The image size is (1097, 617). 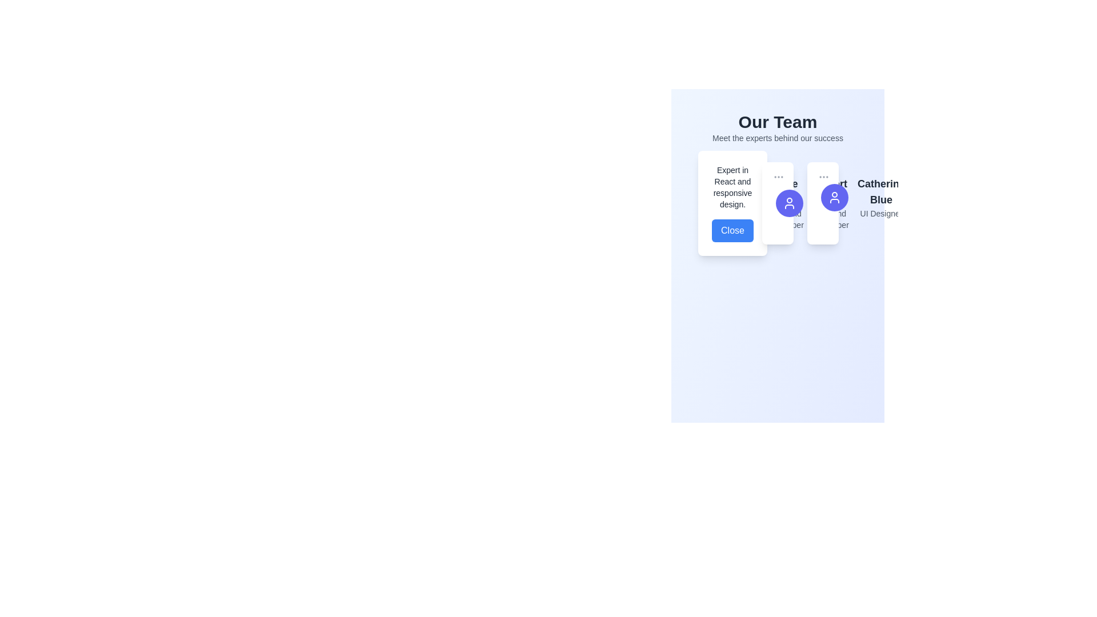 I want to click on text label indicating the job title or role of 'Catherine Blue', which is located directly beneath her name and horizontally centered with respect to it, so click(x=880, y=214).